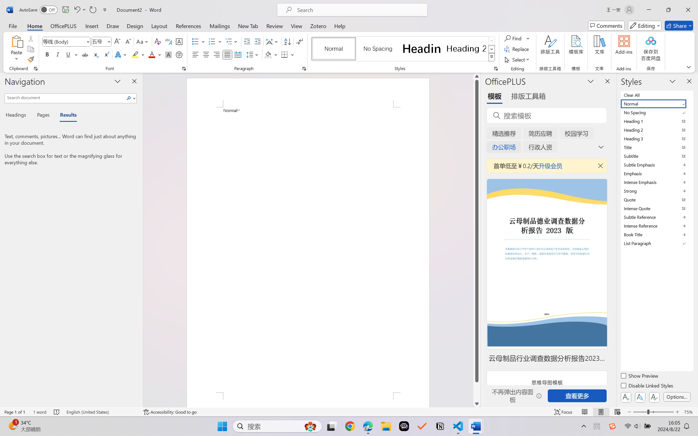 This screenshot has width=698, height=436. What do you see at coordinates (640, 412) in the screenshot?
I see `'Zoom Out'` at bounding box center [640, 412].